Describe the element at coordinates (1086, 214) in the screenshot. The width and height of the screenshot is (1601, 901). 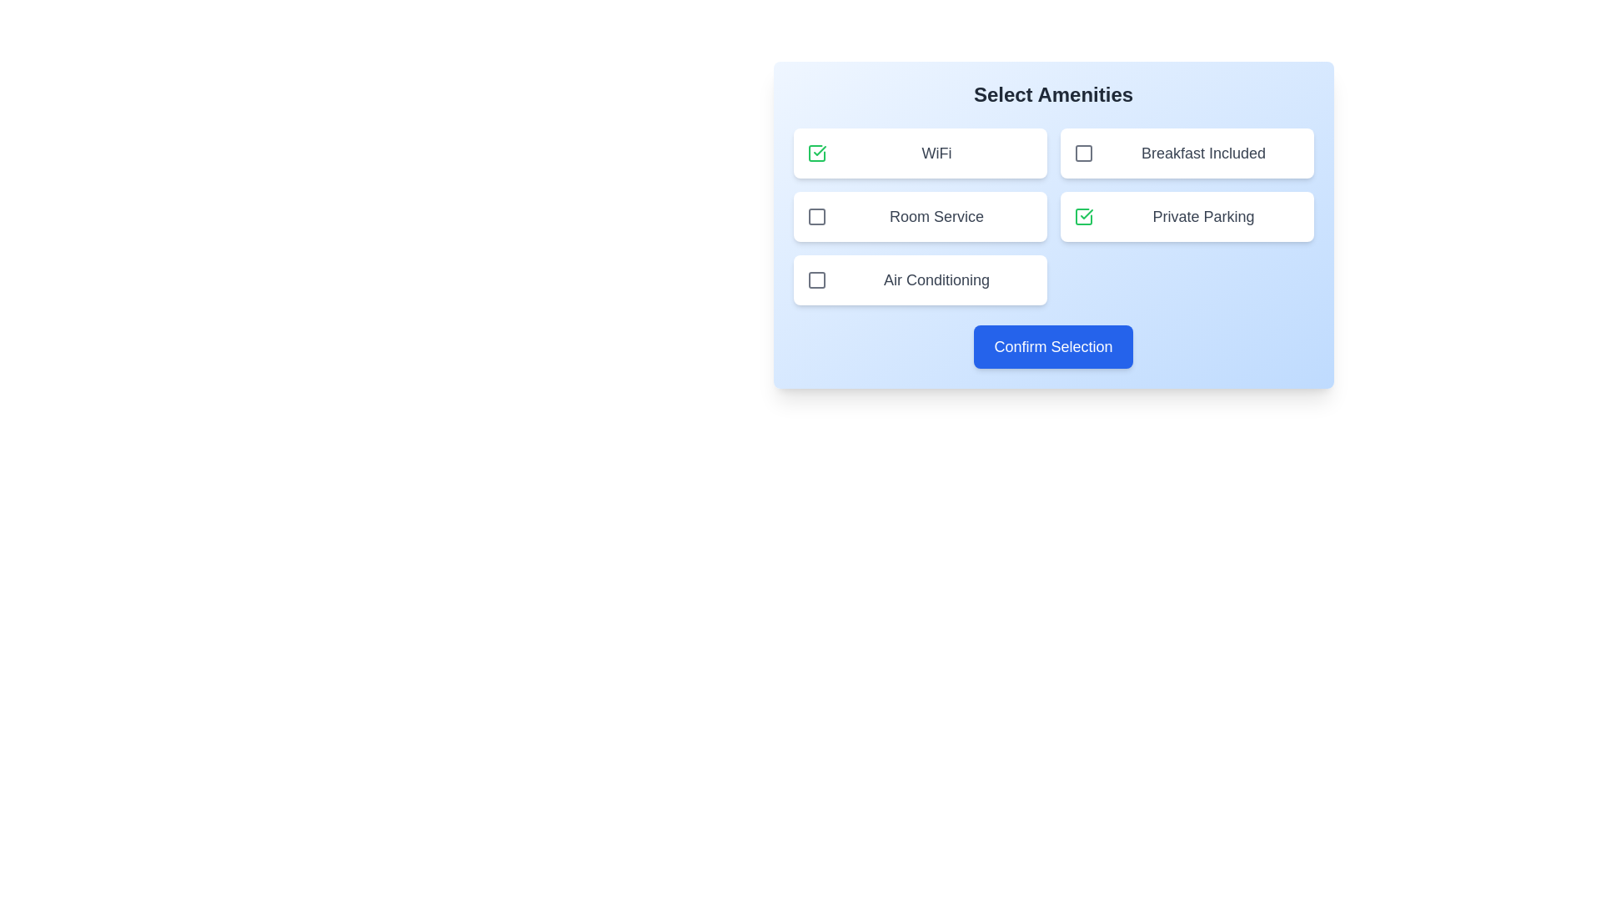
I see `the green checkmark icon indicating the active state of the 'Private Parking' checkbox option` at that location.